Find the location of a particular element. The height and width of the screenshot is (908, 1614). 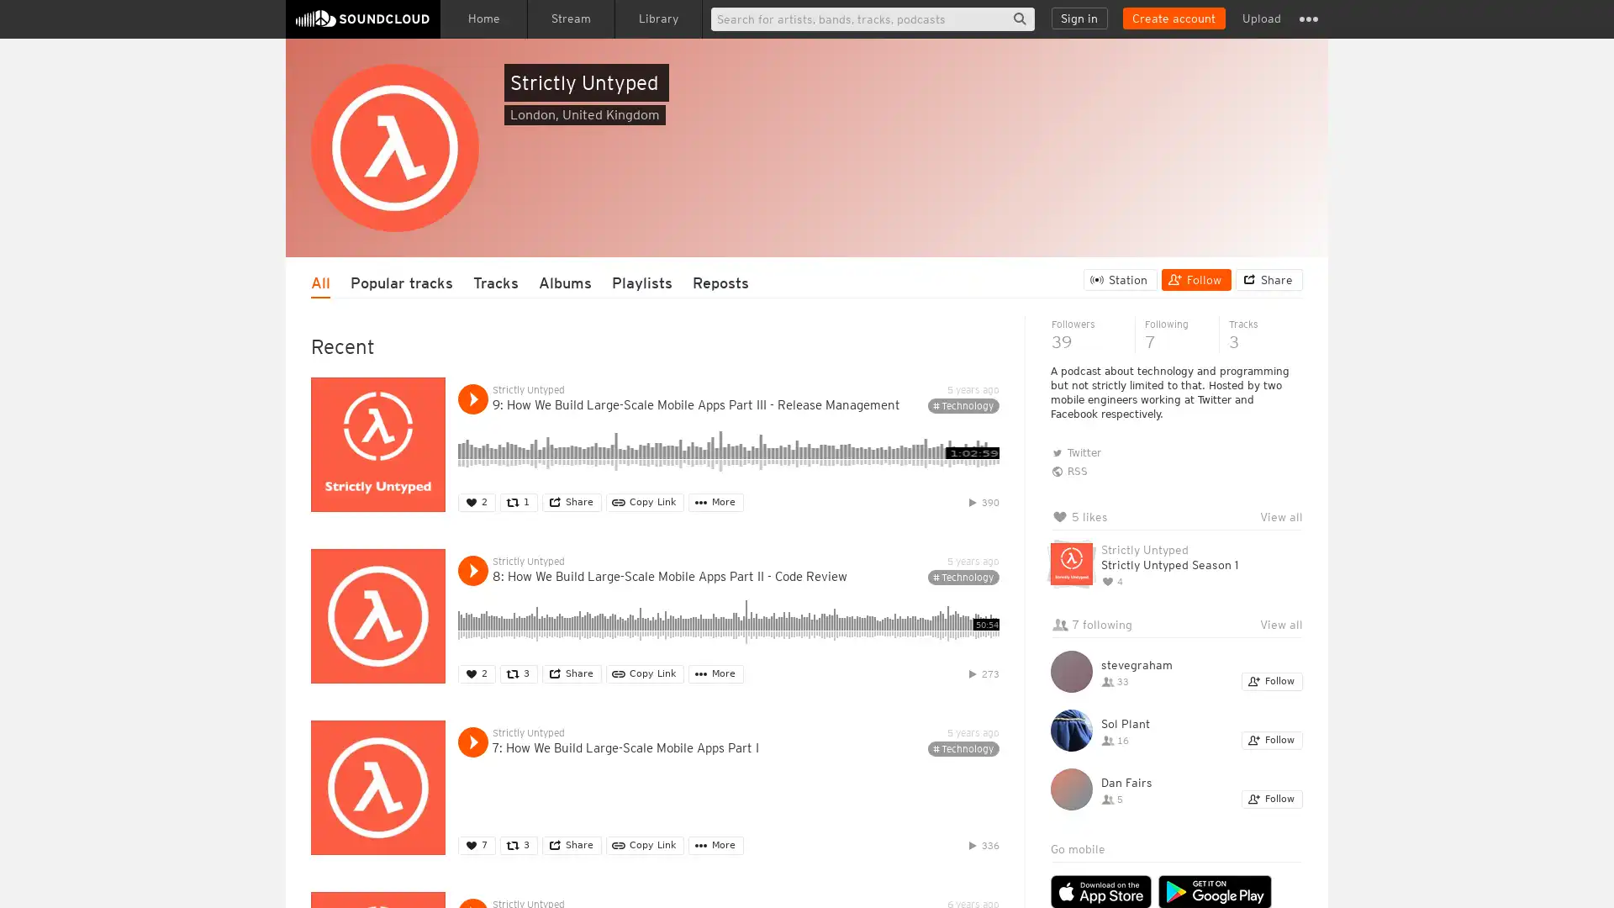

Follow is located at coordinates (1272, 739).